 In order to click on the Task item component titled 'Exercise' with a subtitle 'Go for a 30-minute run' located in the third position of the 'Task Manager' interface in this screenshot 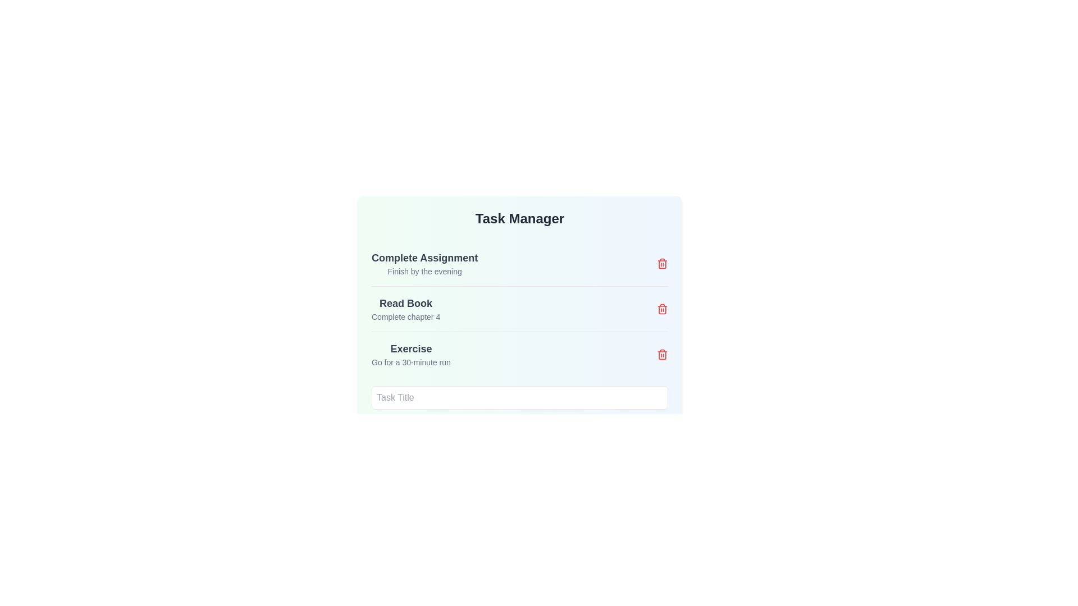, I will do `click(519, 354)`.